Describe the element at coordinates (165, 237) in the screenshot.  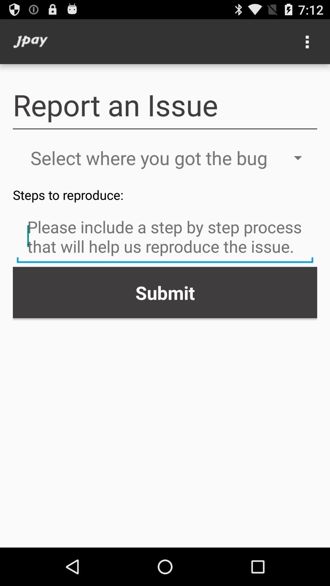
I see `type here` at that location.